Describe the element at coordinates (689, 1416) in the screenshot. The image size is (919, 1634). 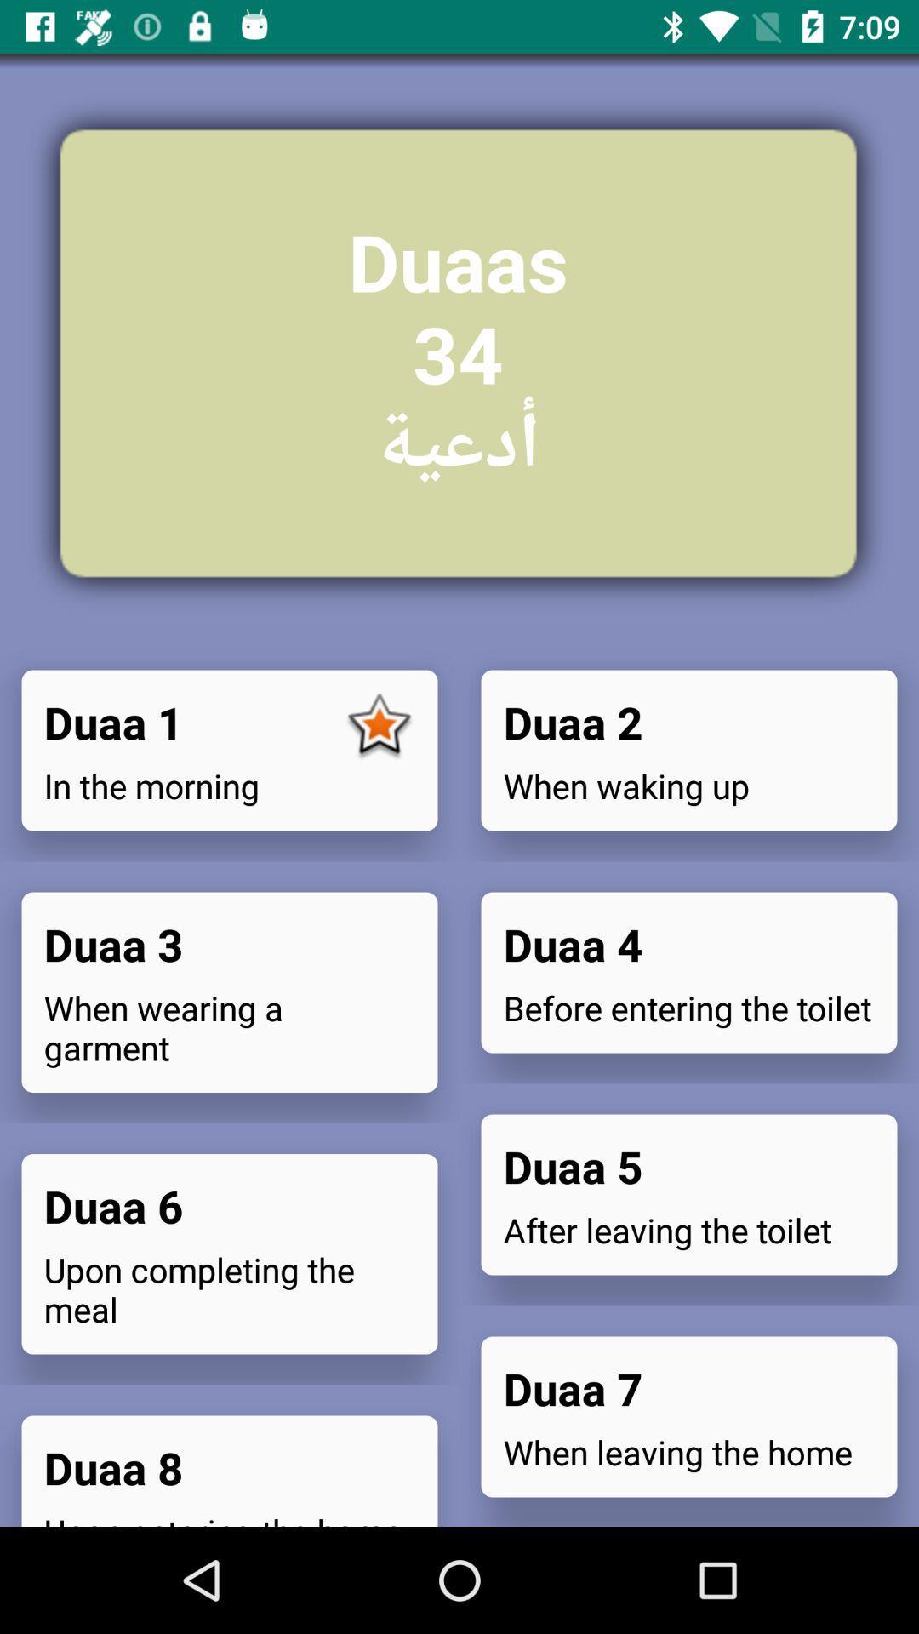
I see `icon on the right side of duaa 1` at that location.